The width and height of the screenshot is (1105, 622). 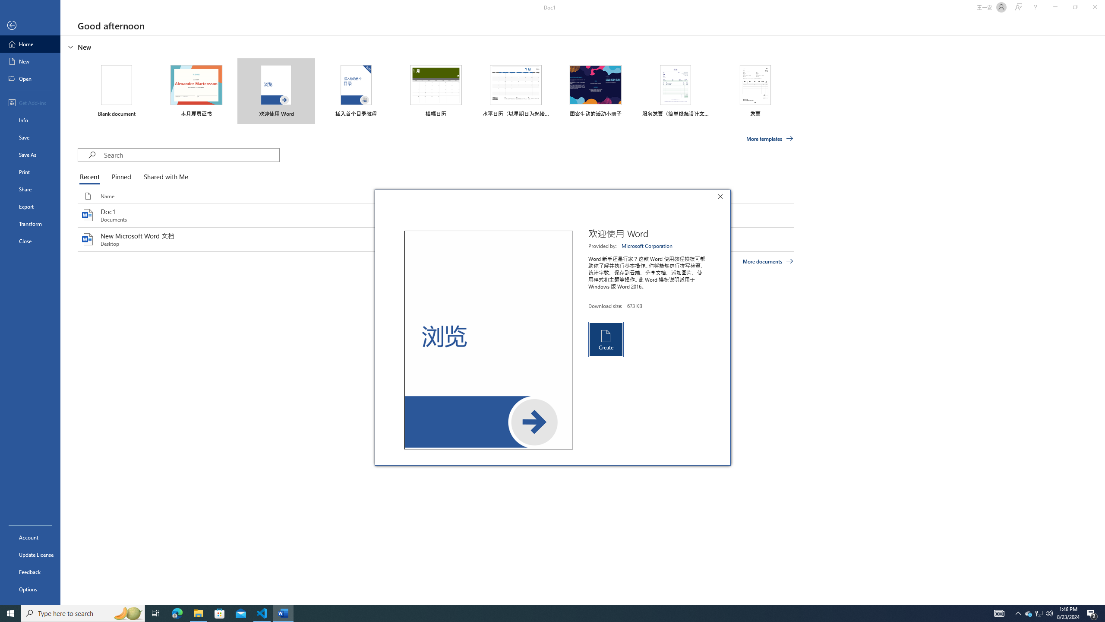 What do you see at coordinates (30, 572) in the screenshot?
I see `'Feedback'` at bounding box center [30, 572].